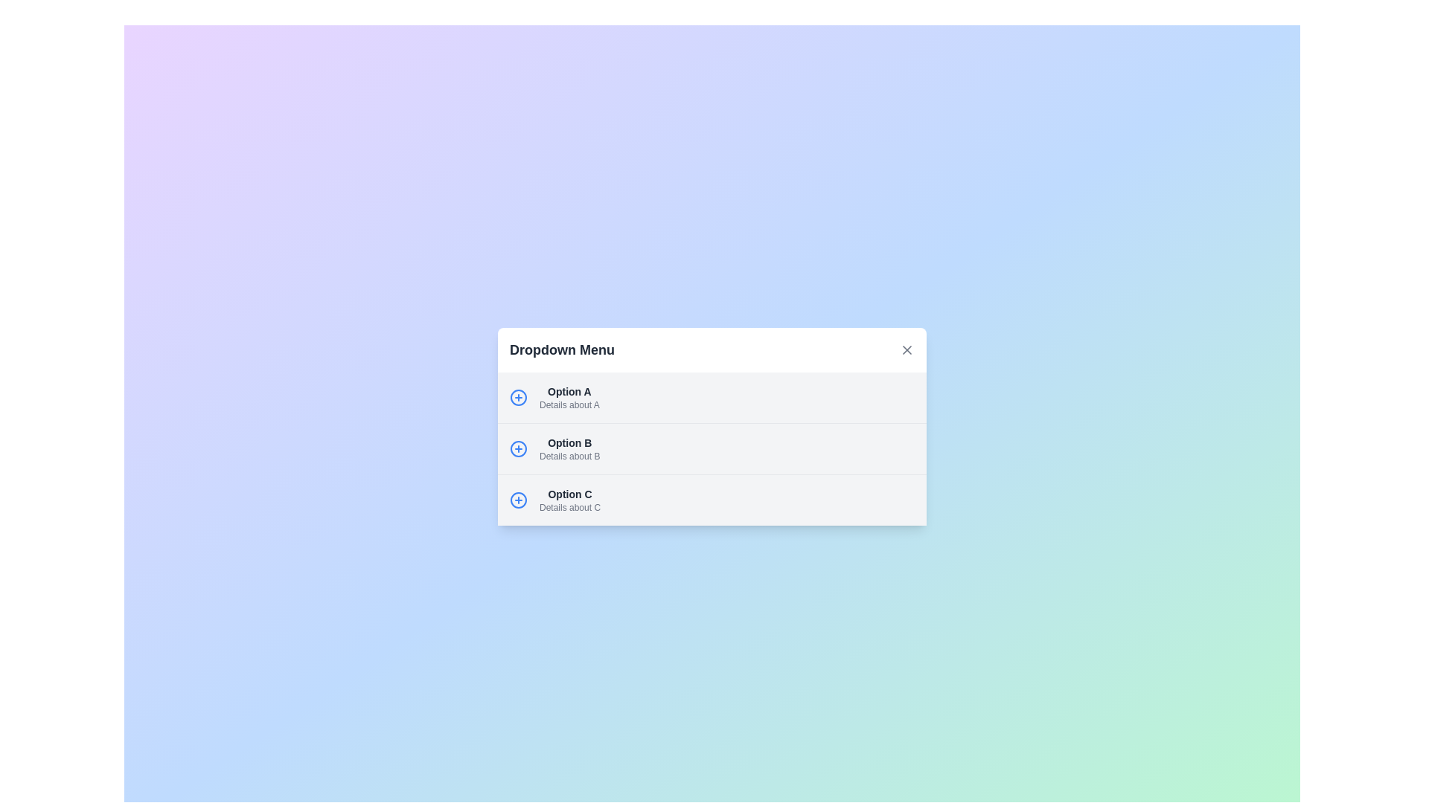  I want to click on the selectable list item representing 'Option C' in the dropdown menu, so click(711, 500).